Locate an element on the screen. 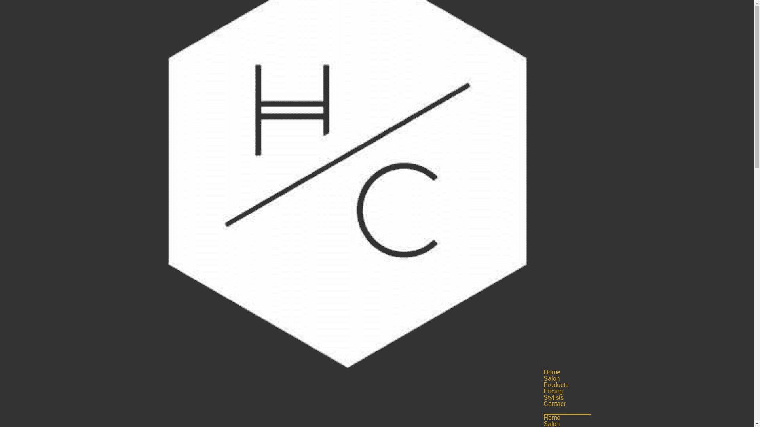 This screenshot has width=760, height=427. 'Products' is located at coordinates (556, 385).